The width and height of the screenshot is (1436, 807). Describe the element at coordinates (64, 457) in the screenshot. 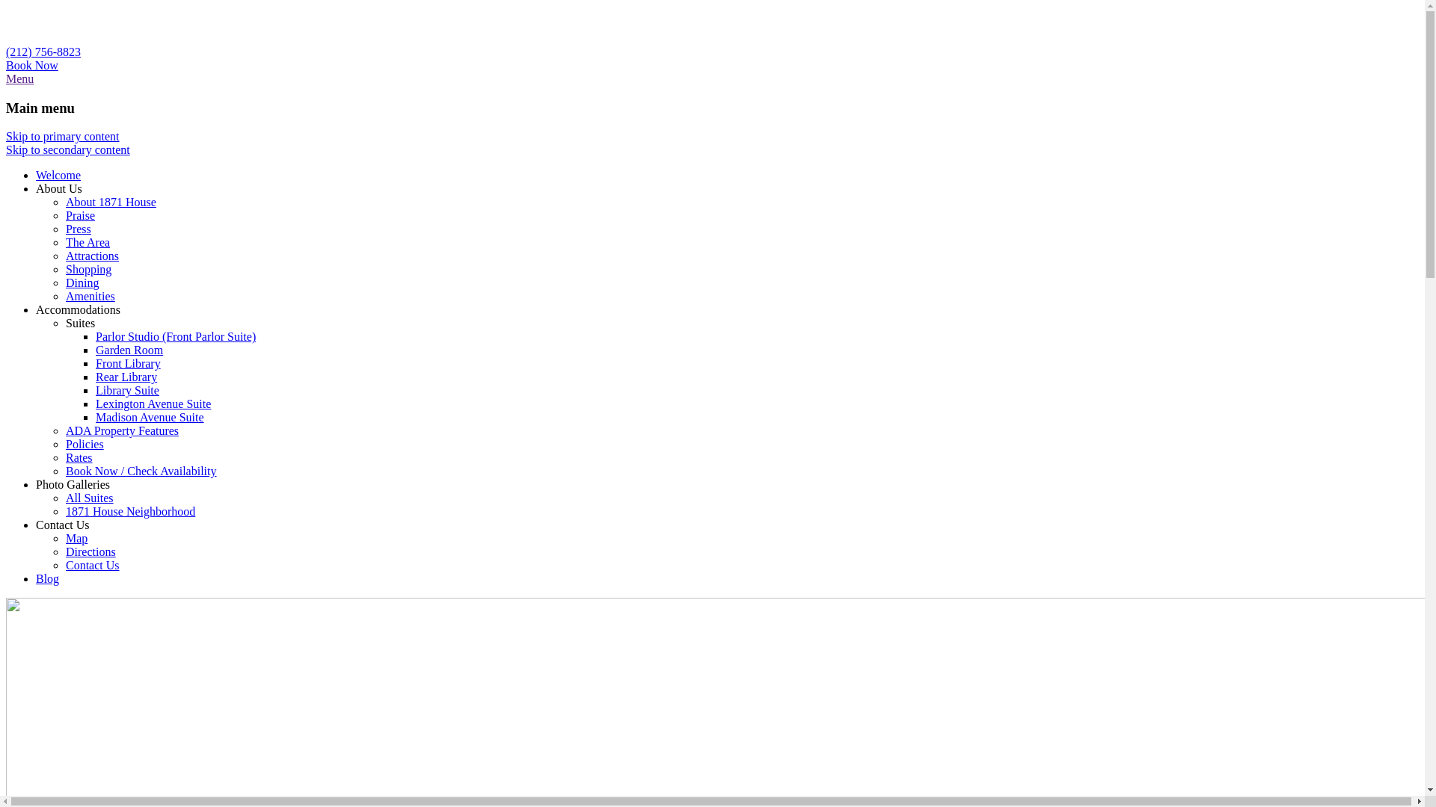

I see `'Rates'` at that location.